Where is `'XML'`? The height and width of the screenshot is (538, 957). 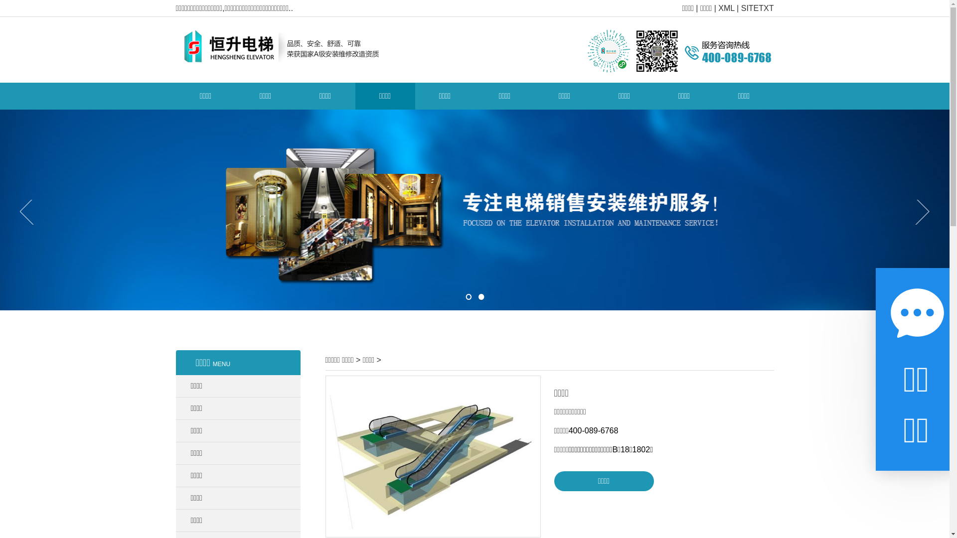
'XML' is located at coordinates (726, 8).